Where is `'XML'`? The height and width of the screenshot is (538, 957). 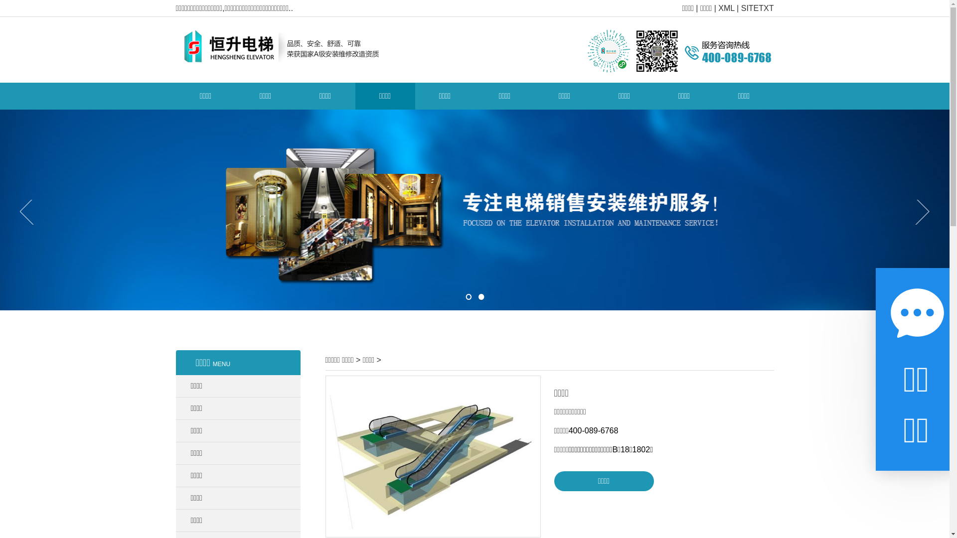
'XML' is located at coordinates (726, 8).